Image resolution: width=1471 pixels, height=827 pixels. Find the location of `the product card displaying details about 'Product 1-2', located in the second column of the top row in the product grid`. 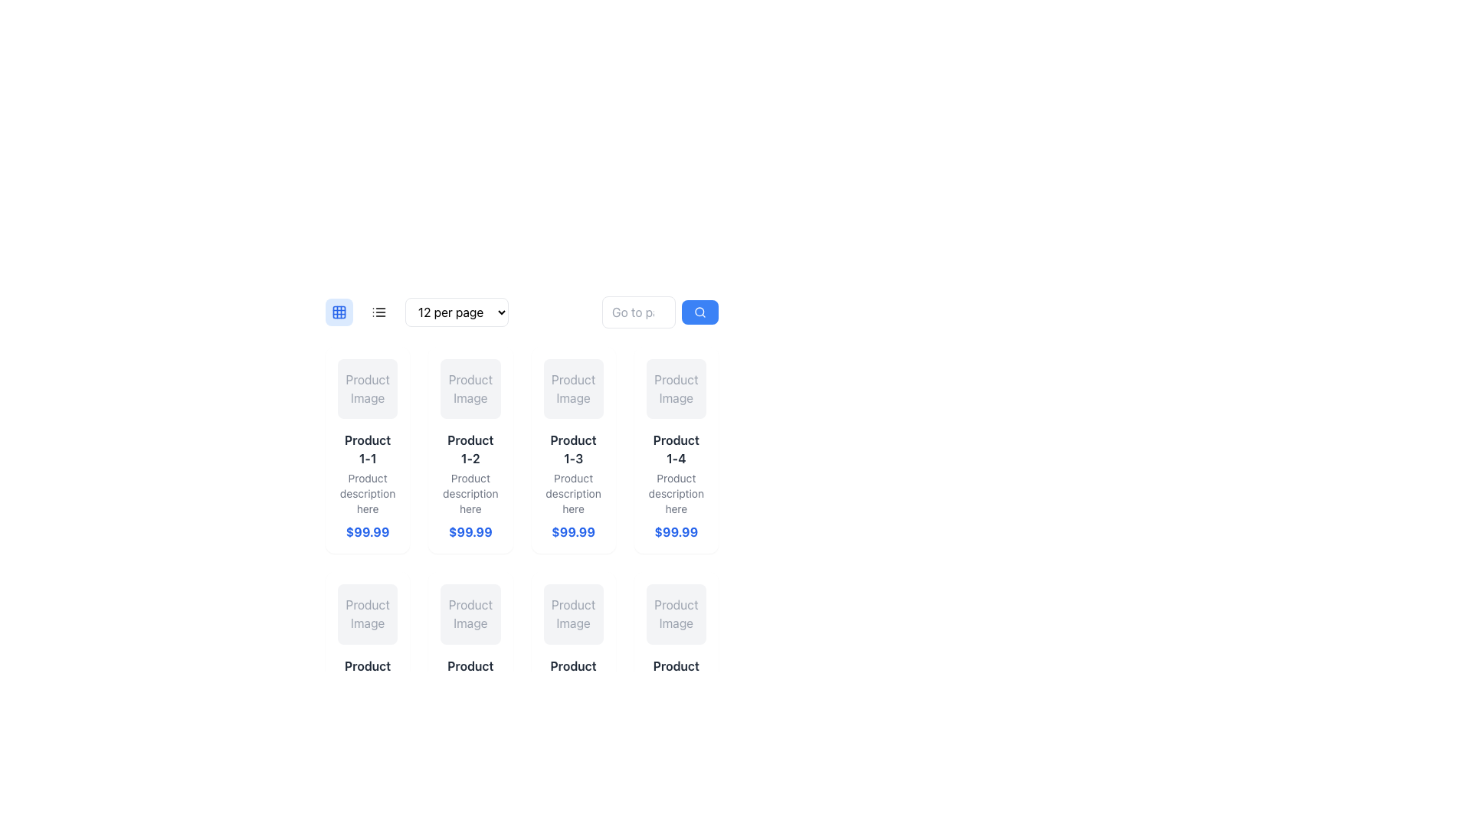

the product card displaying details about 'Product 1-2', located in the second column of the top row in the product grid is located at coordinates (470, 486).